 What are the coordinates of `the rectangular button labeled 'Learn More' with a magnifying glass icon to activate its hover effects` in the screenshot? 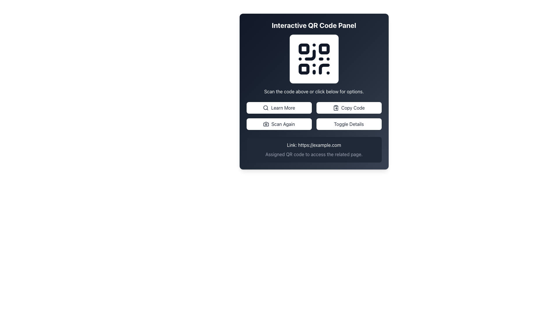 It's located at (279, 108).